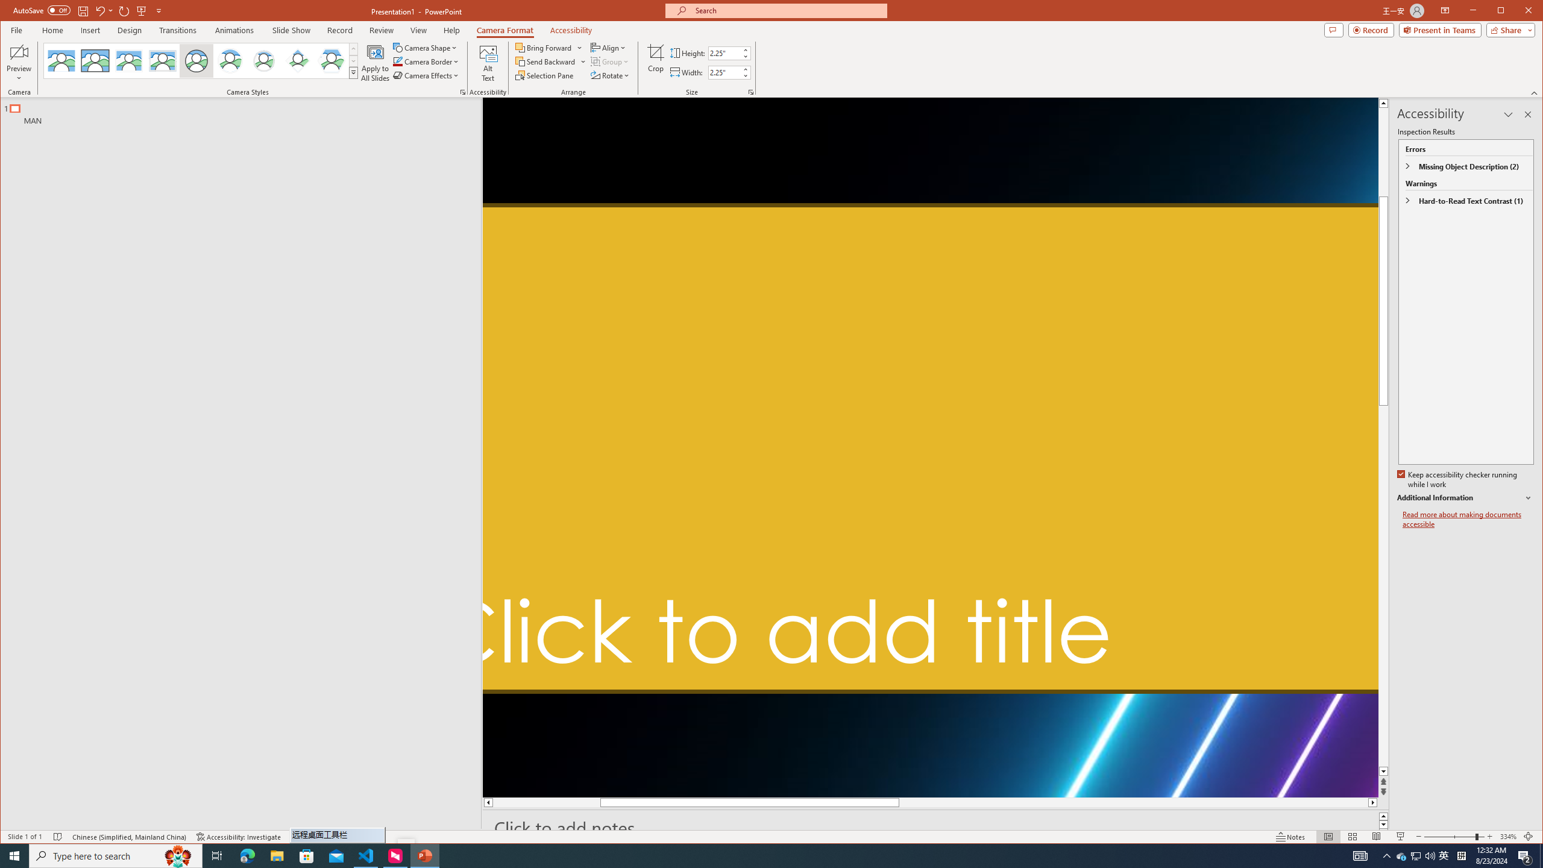  What do you see at coordinates (544, 47) in the screenshot?
I see `'Bring Forward'` at bounding box center [544, 47].